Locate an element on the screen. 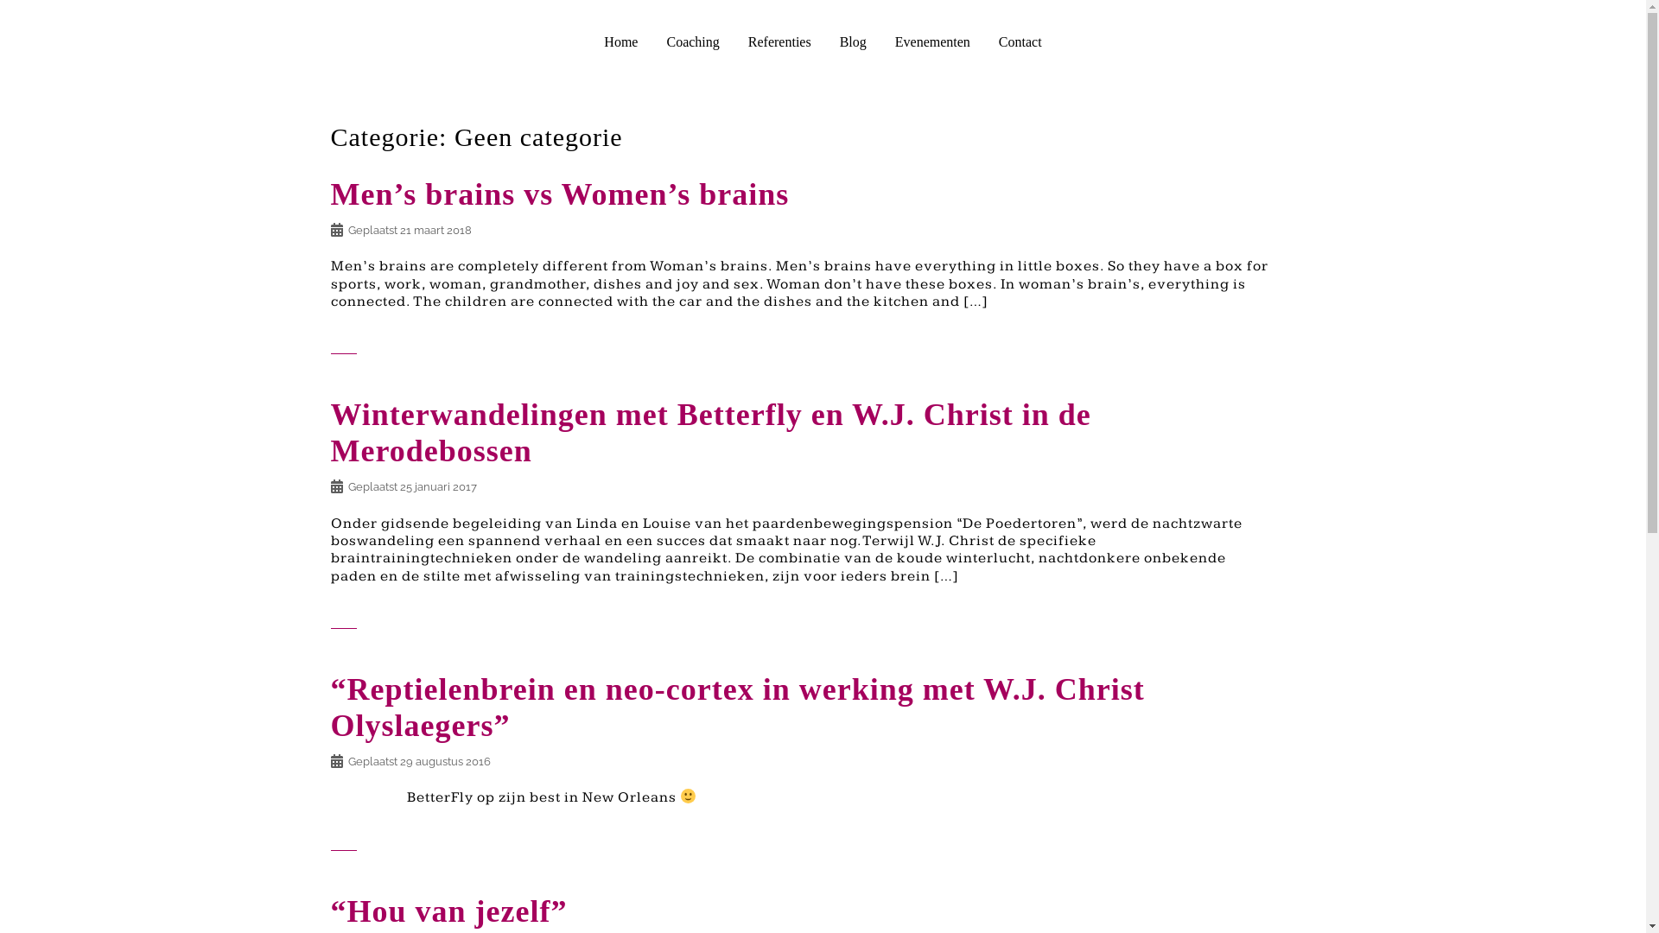 The width and height of the screenshot is (1659, 933). 'Home' is located at coordinates (620, 41).